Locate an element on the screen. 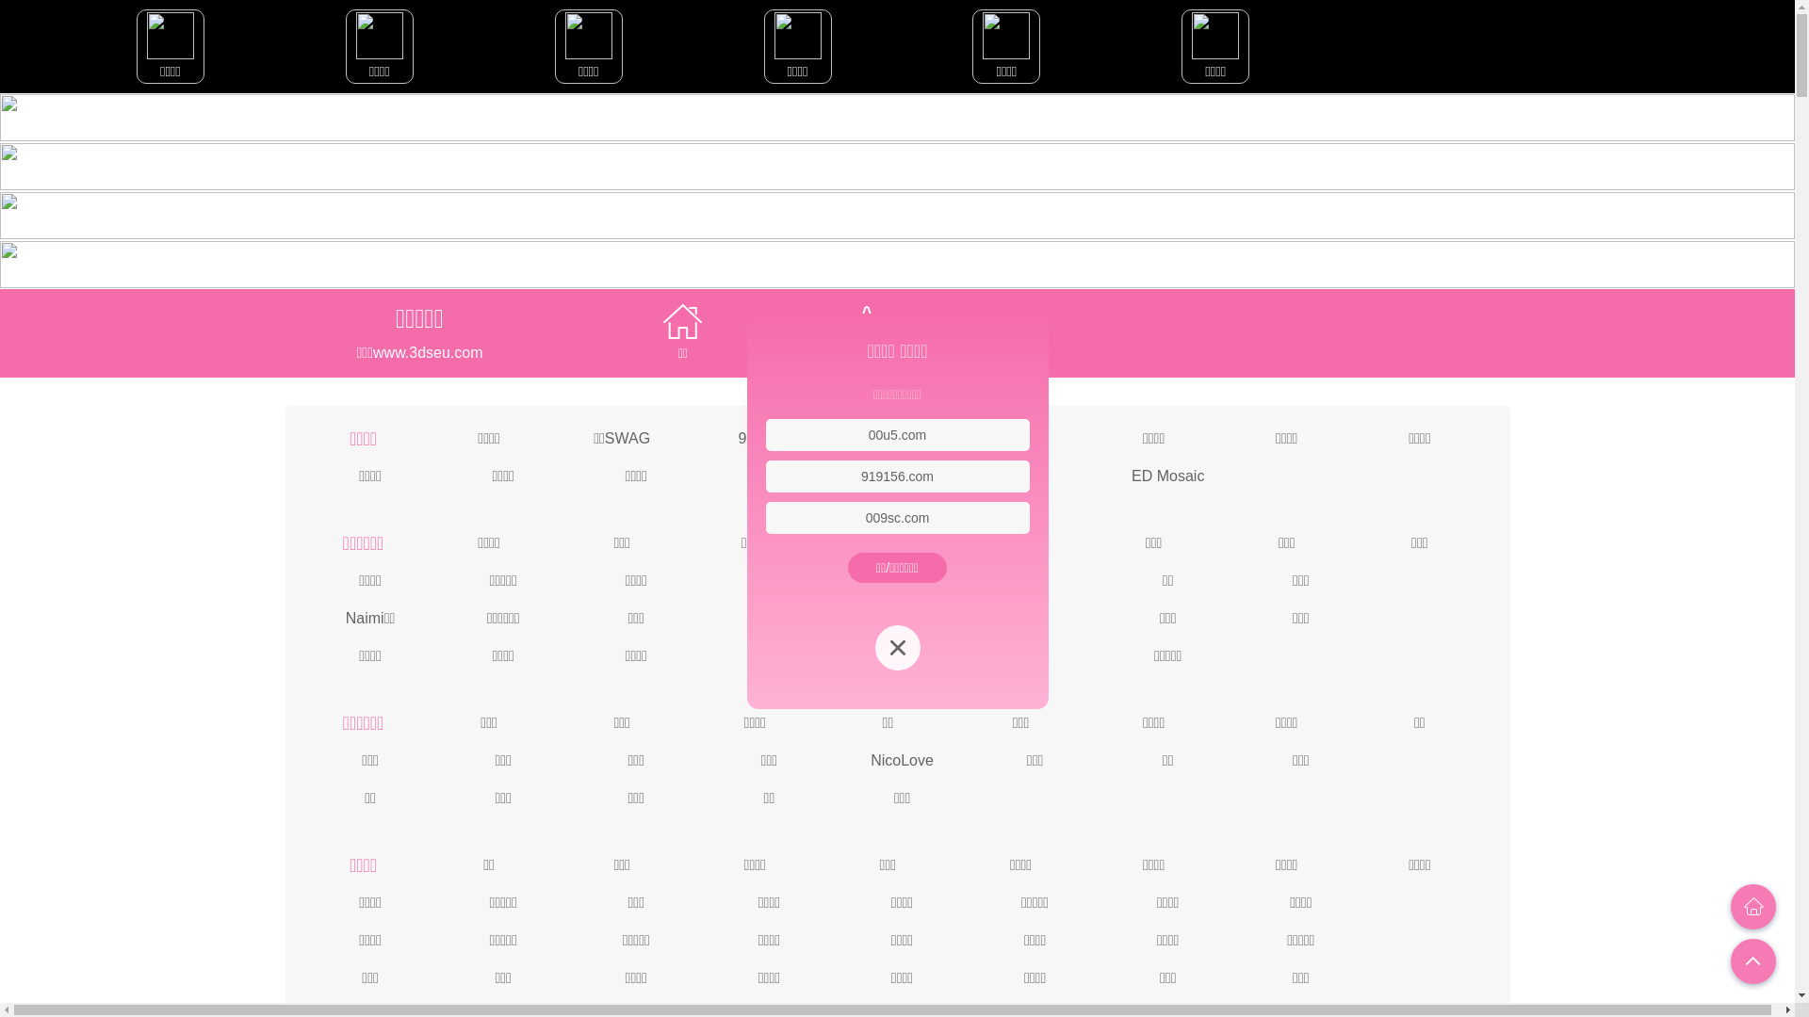 The width and height of the screenshot is (1809, 1017). 'NicoLove' is located at coordinates (901, 758).